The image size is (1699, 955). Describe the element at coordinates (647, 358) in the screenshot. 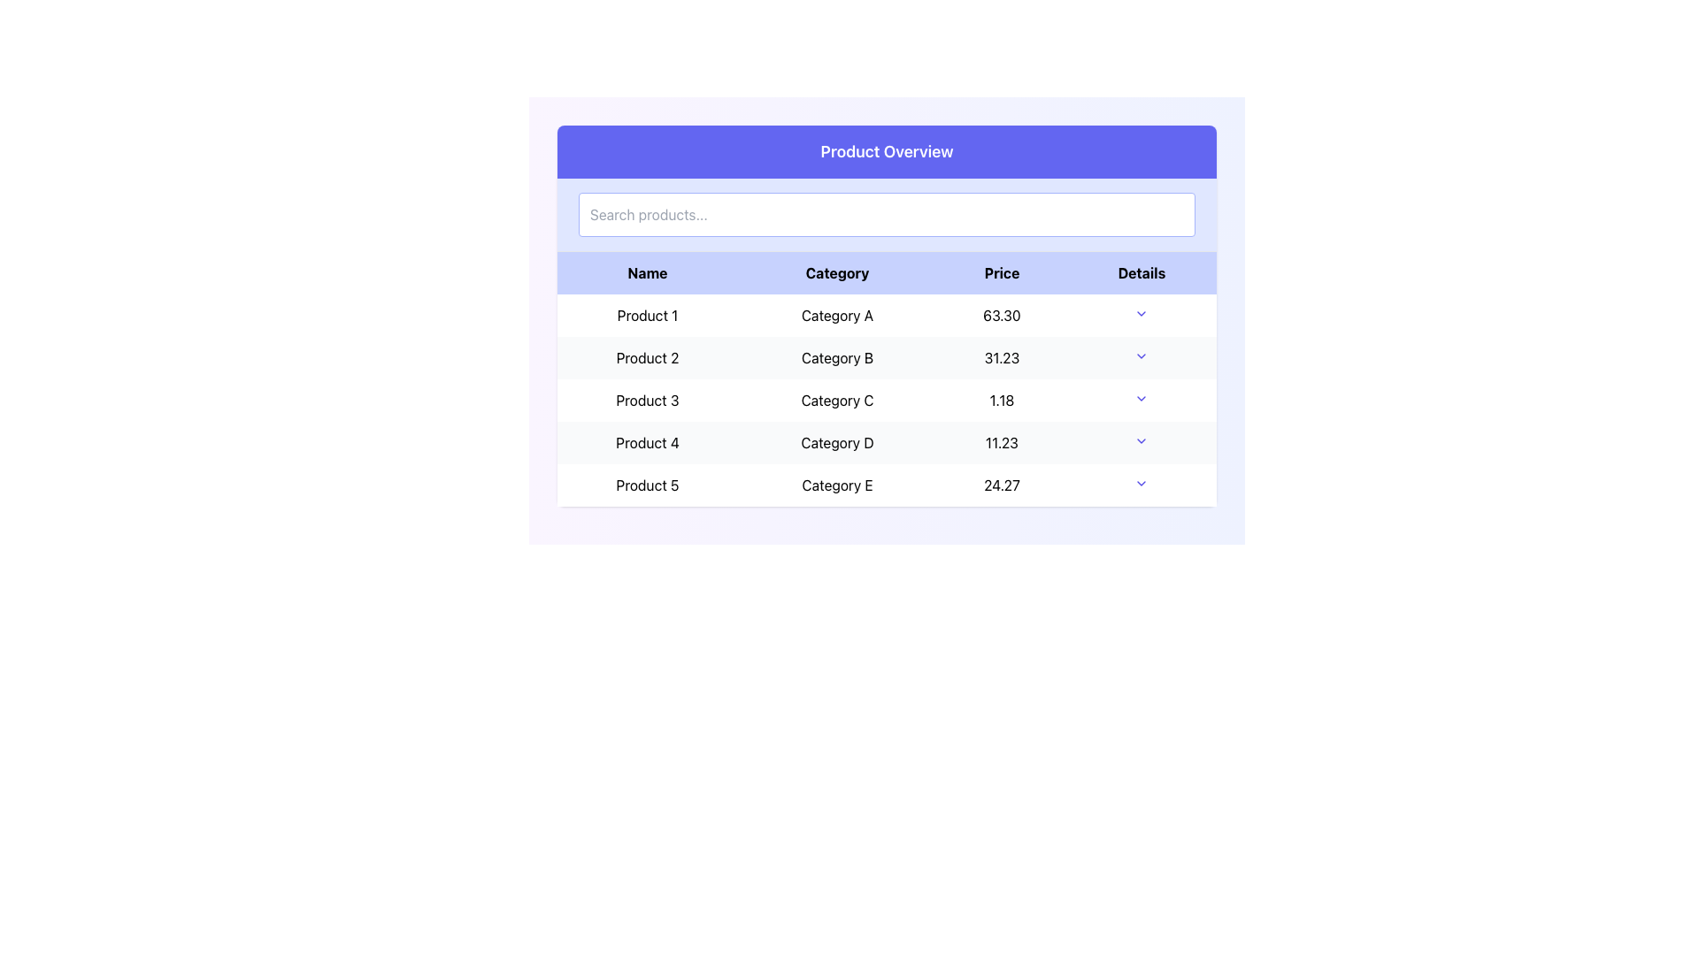

I see `the text label displaying 'Product 2' which is located in the second row of the table under the 'Name' column` at that location.